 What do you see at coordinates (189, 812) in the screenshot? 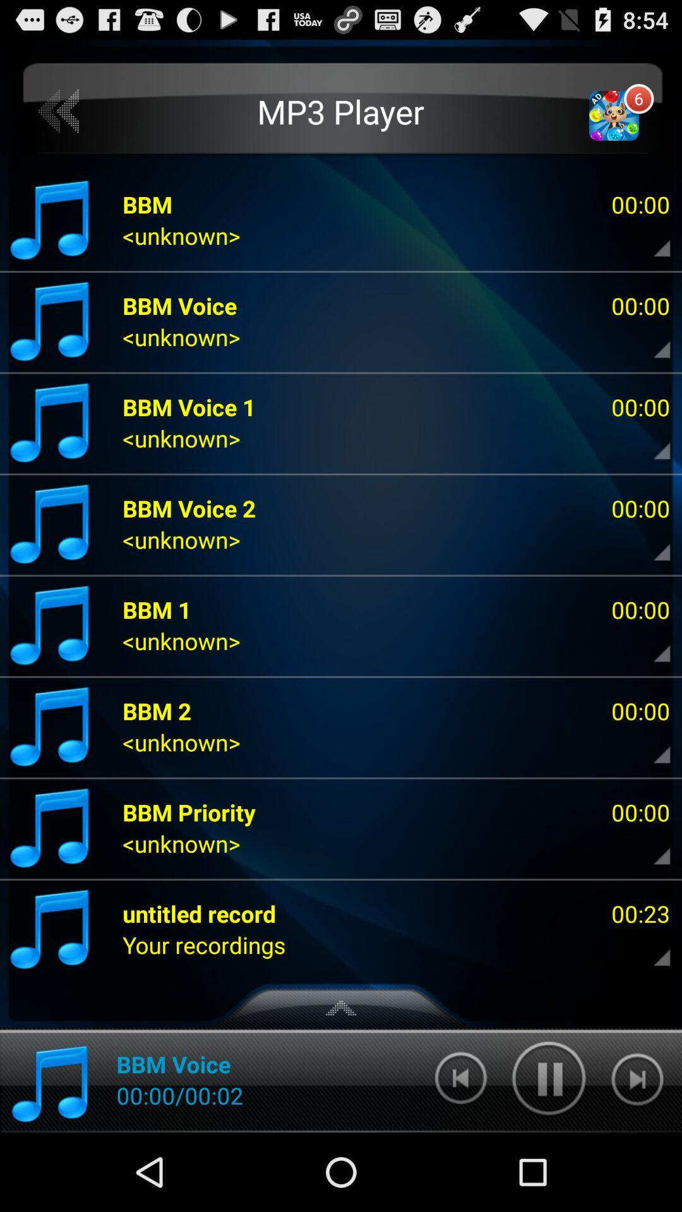
I see `icon above the <unknown> item` at bounding box center [189, 812].